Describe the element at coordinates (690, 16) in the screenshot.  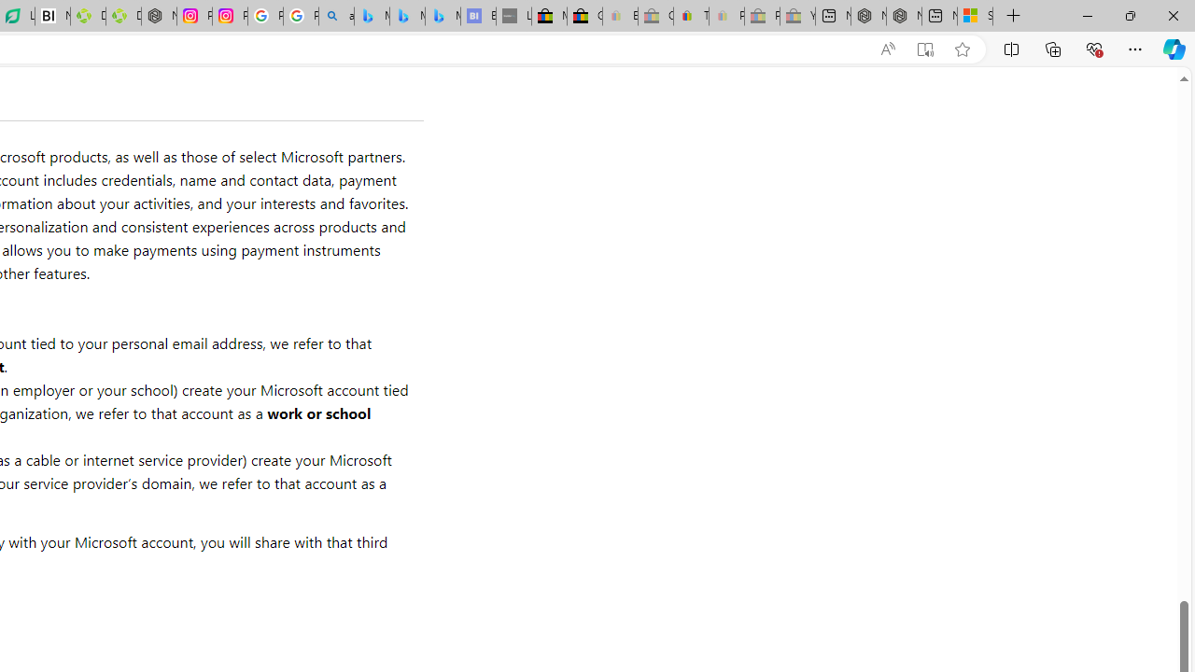
I see `'Threats and offensive language policy | eBay'` at that location.